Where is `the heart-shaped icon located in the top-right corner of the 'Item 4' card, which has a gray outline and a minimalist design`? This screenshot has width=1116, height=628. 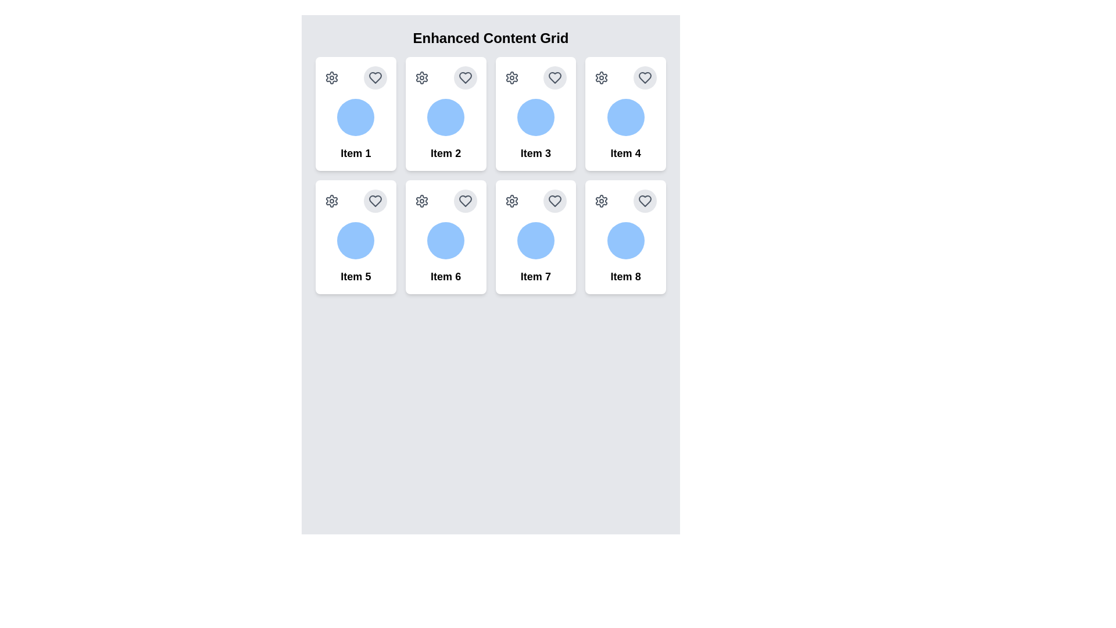
the heart-shaped icon located in the top-right corner of the 'Item 4' card, which has a gray outline and a minimalist design is located at coordinates (644, 78).